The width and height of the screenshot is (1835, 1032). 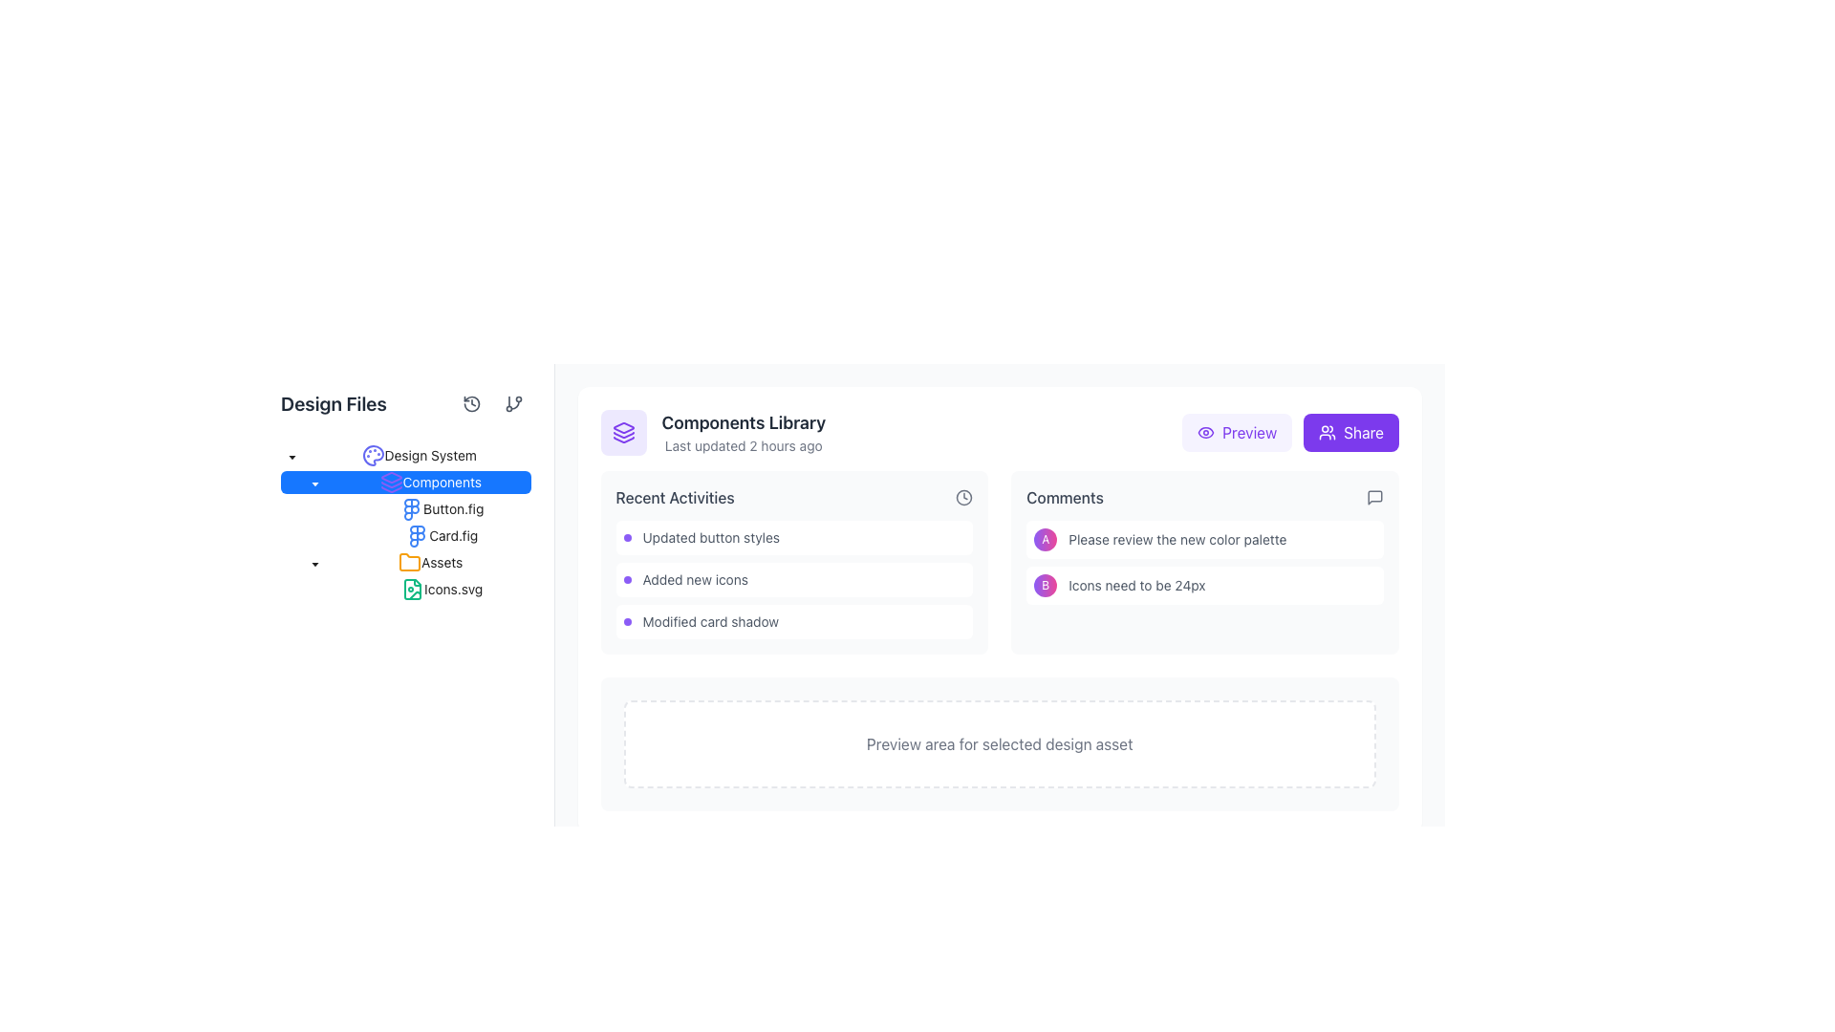 I want to click on the text label 'Assets' in the hierarchical structure, so click(x=441, y=561).